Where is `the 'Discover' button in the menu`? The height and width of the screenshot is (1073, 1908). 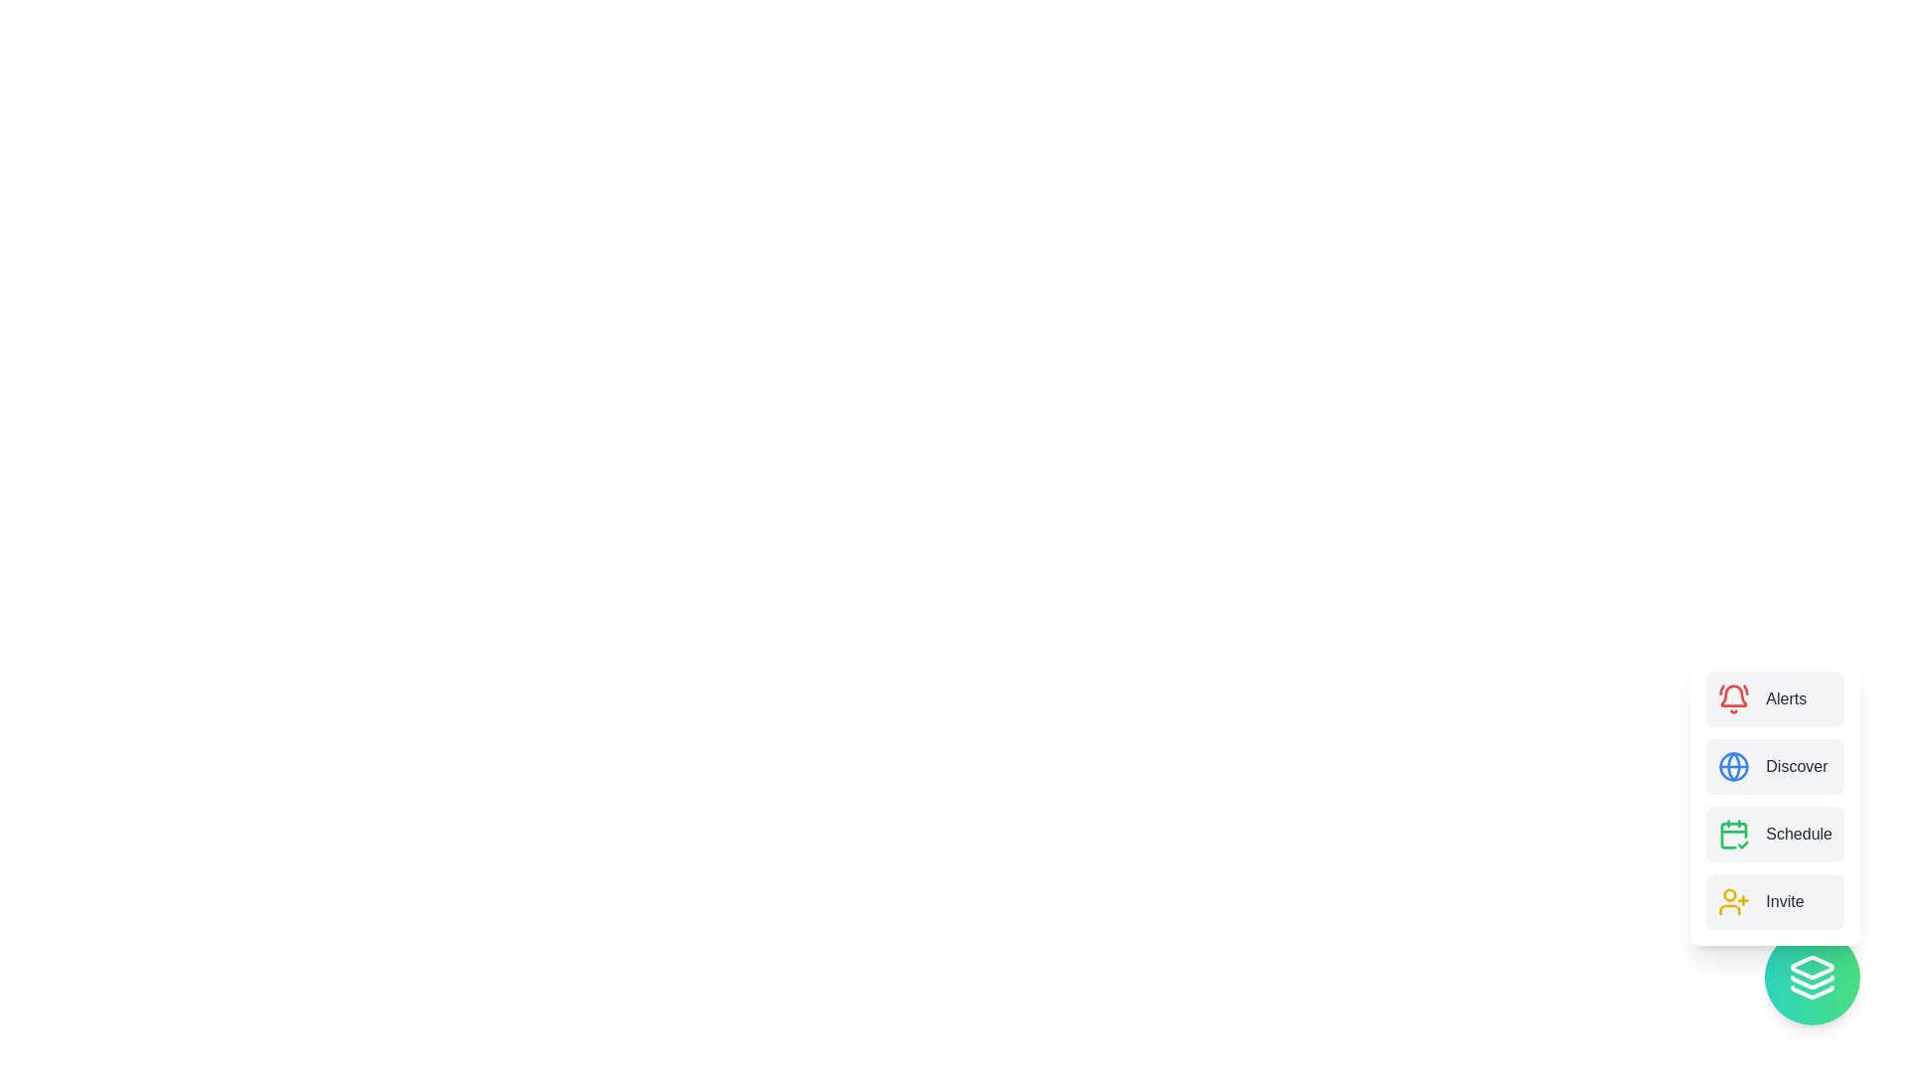
the 'Discover' button in the menu is located at coordinates (1775, 765).